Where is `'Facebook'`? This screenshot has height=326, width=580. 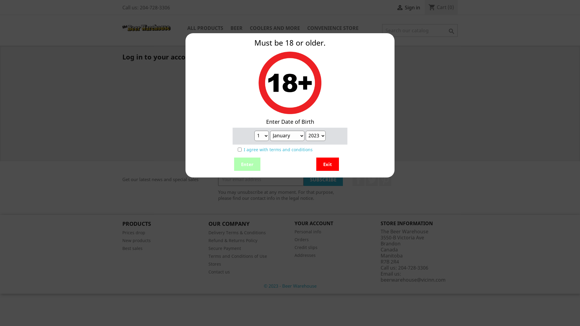 'Facebook' is located at coordinates (358, 180).